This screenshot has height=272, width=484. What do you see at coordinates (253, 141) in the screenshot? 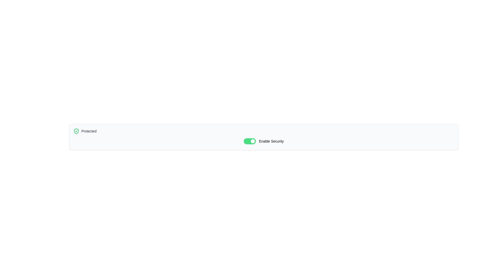
I see `the switch handle located at the right edge of the 'Enable Security' toggle switch from its current position` at bounding box center [253, 141].